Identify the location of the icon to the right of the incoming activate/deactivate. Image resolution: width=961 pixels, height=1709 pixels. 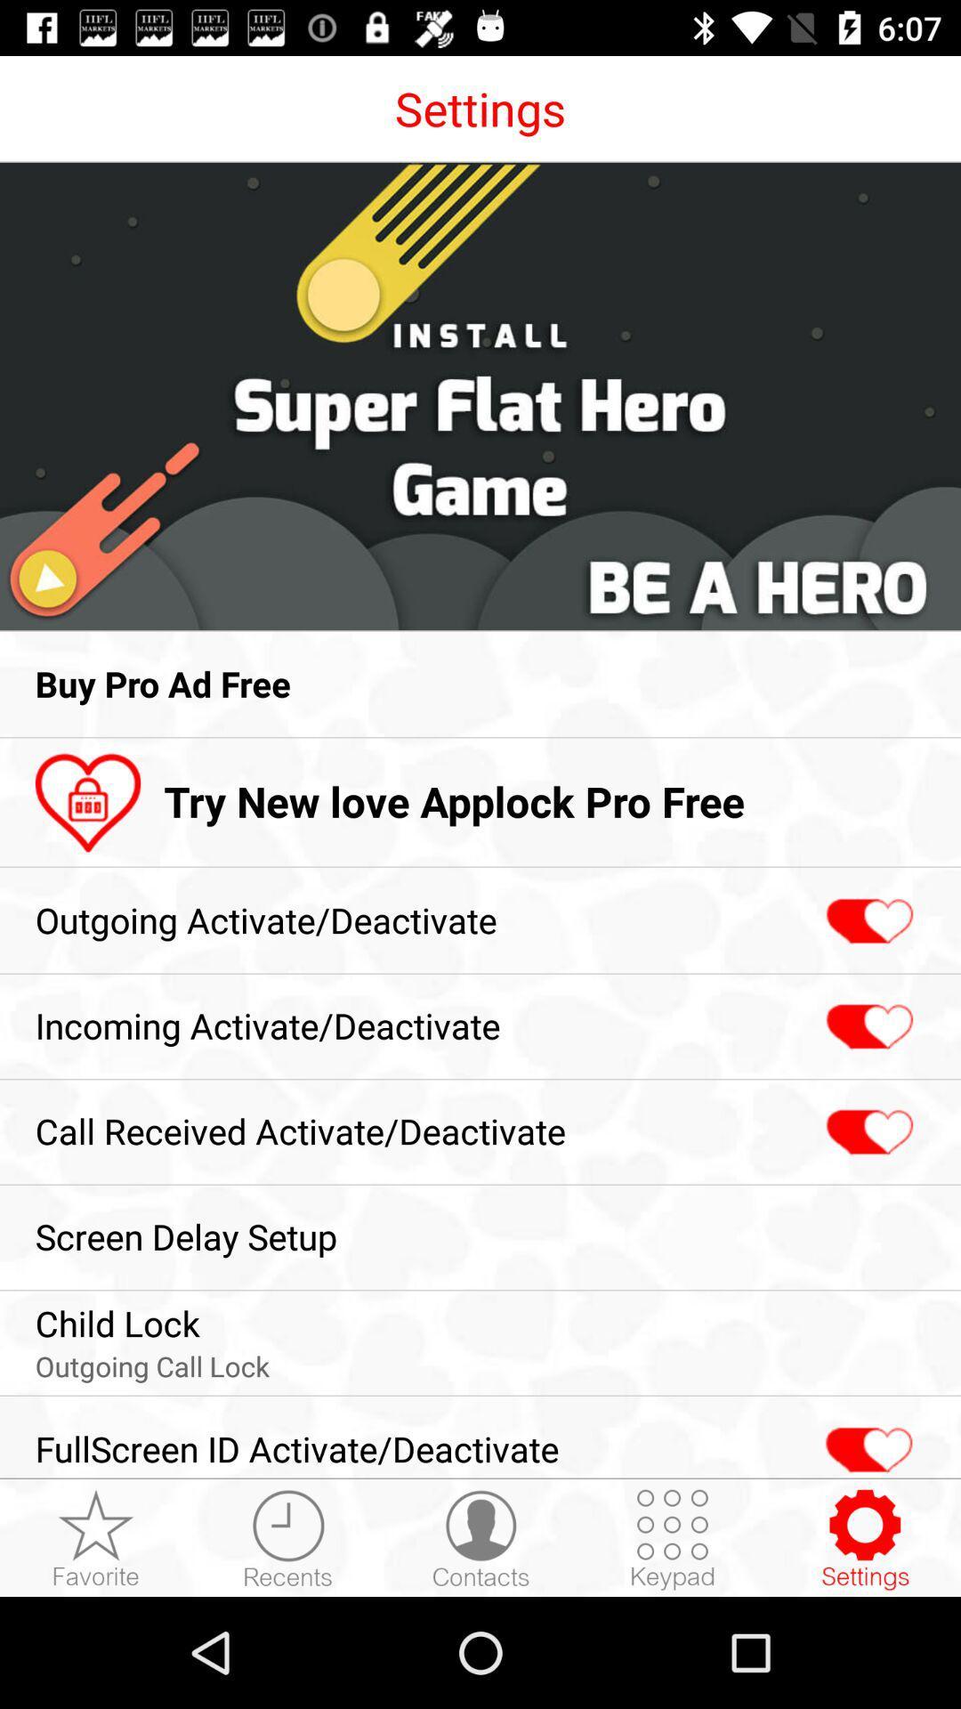
(867, 1027).